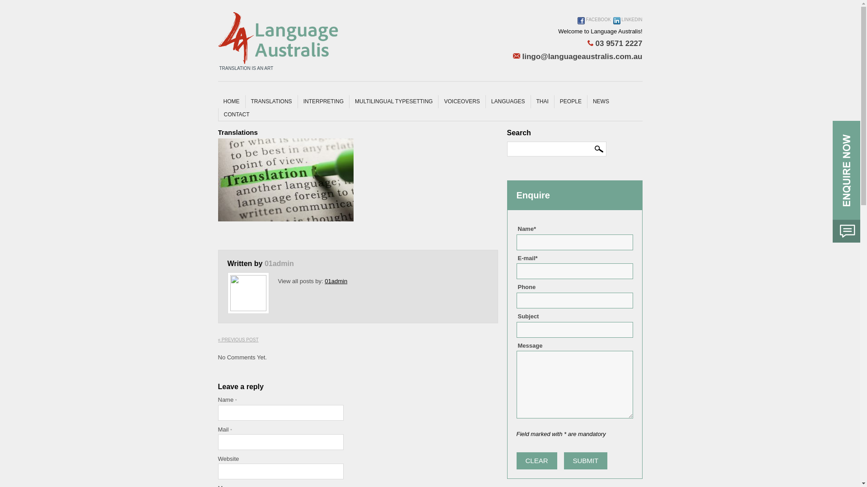  I want to click on 'LANGUAGES', so click(508, 101).